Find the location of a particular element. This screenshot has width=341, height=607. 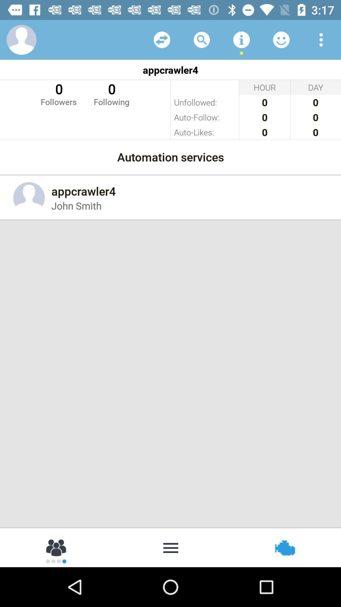

search a name is located at coordinates (202, 39).